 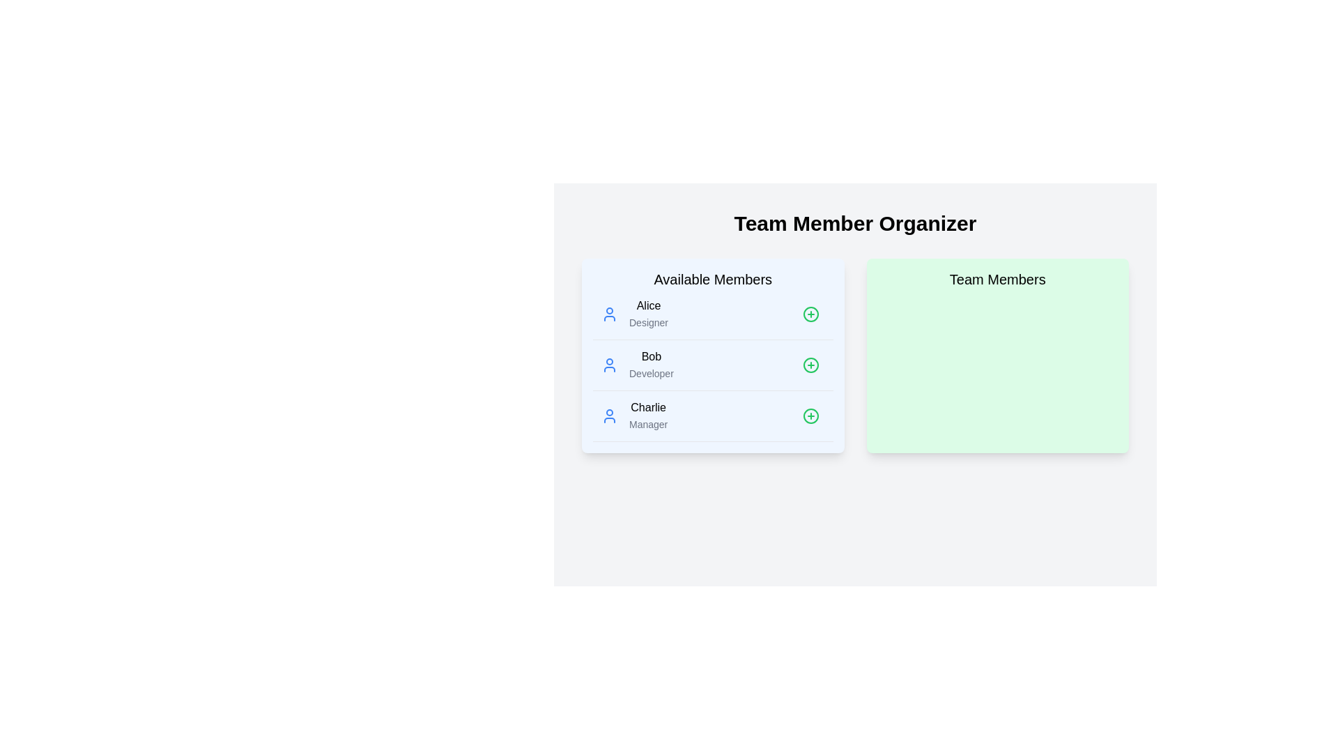 What do you see at coordinates (647, 424) in the screenshot?
I see `the informational label that indicates the role 'Manager' of the individual named 'Charlie', located below the name in the 'Available Members' panel` at bounding box center [647, 424].